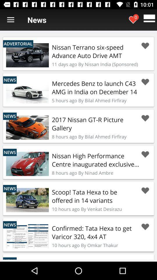 The image size is (157, 280). What do you see at coordinates (145, 154) in the screenshot?
I see `this button allows to set that element as a favorite one` at bounding box center [145, 154].